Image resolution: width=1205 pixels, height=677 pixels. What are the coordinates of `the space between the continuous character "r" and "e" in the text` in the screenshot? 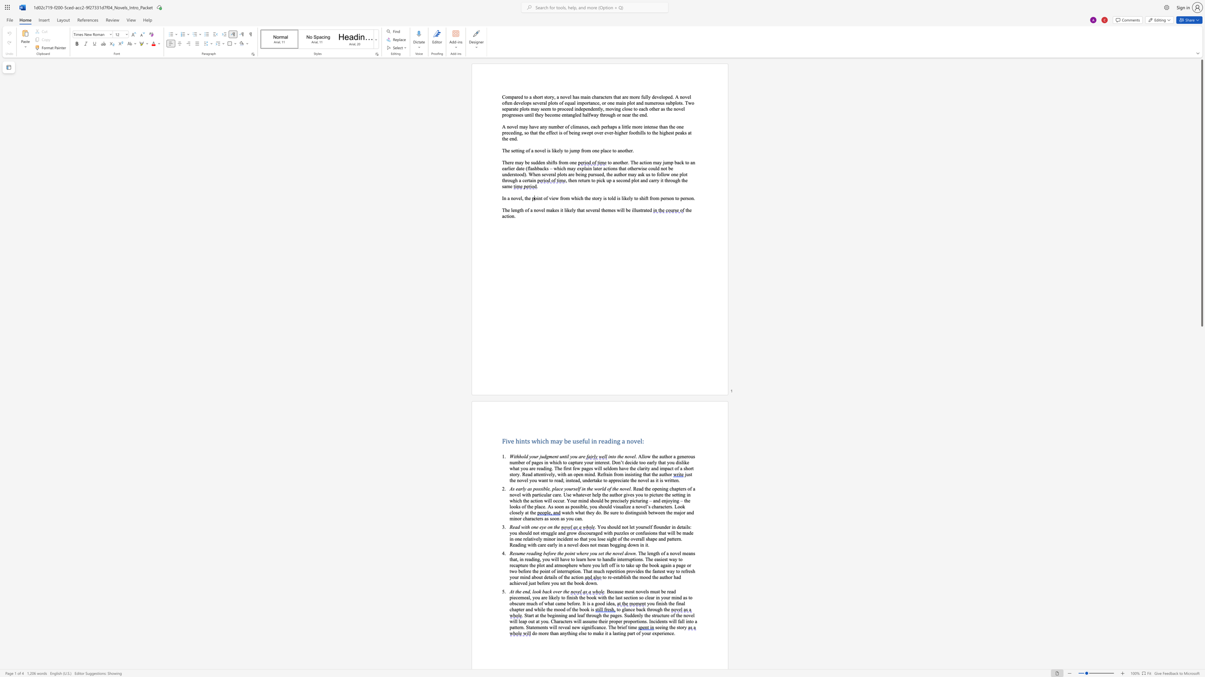 It's located at (582, 456).